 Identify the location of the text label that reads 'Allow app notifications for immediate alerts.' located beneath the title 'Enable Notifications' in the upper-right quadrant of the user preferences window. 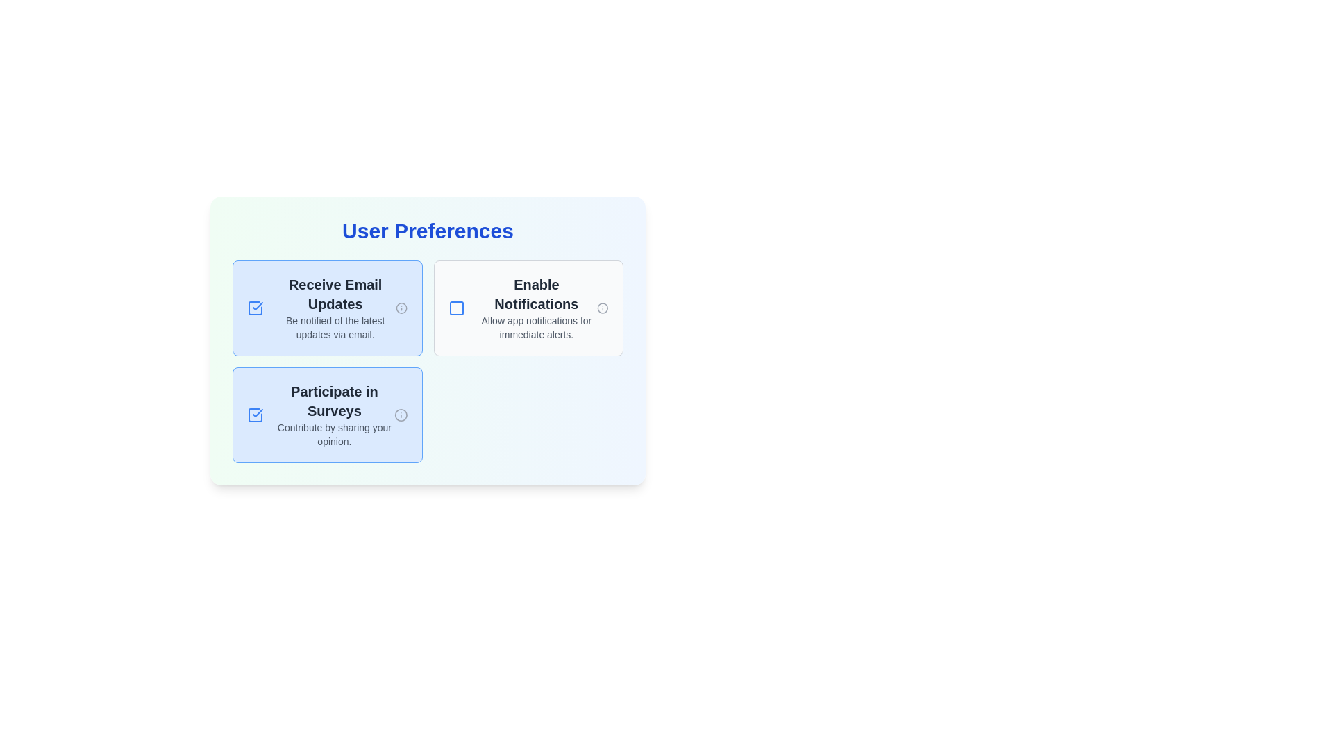
(535, 327).